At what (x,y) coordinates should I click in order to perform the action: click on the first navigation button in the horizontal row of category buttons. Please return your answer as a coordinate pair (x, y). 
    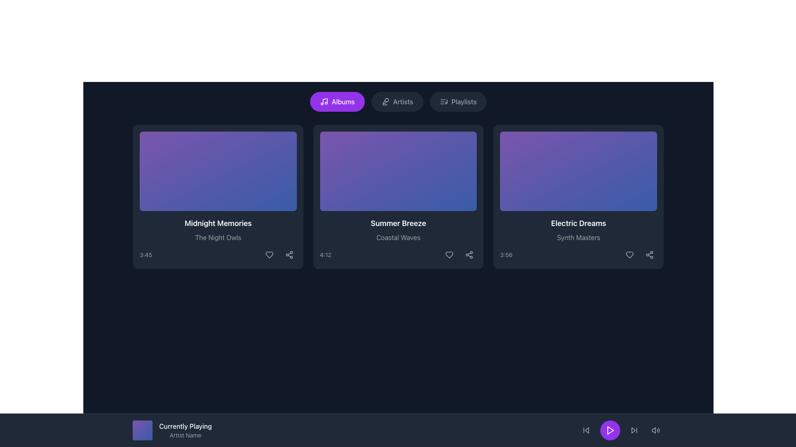
    Looking at the image, I should click on (337, 101).